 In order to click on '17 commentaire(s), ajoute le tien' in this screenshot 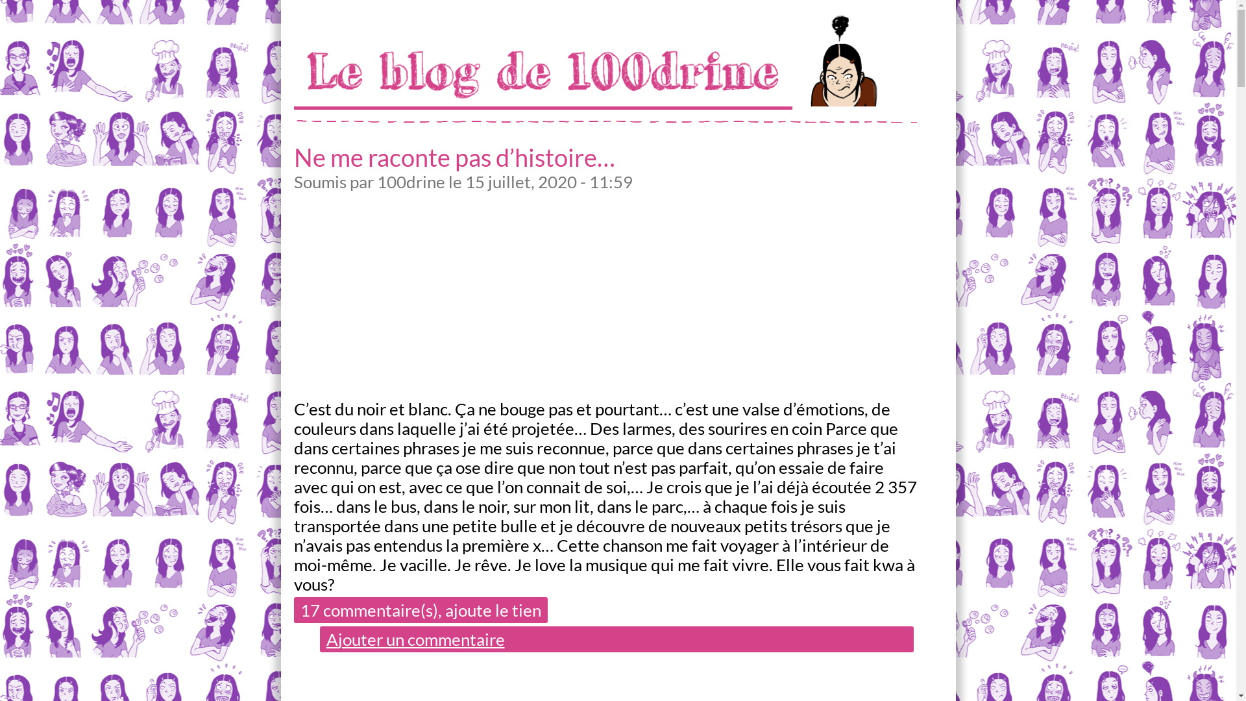, I will do `click(420, 610)`.